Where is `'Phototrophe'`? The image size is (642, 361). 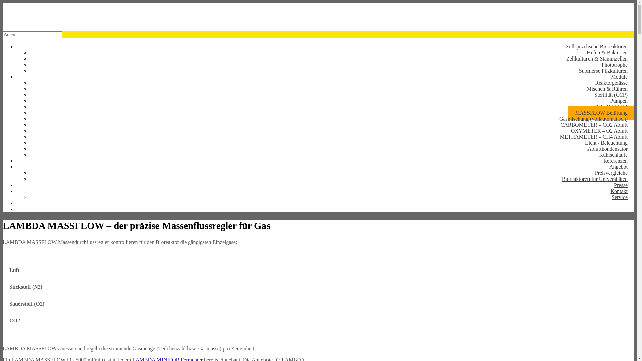
'Phototrophe' is located at coordinates (595, 65).